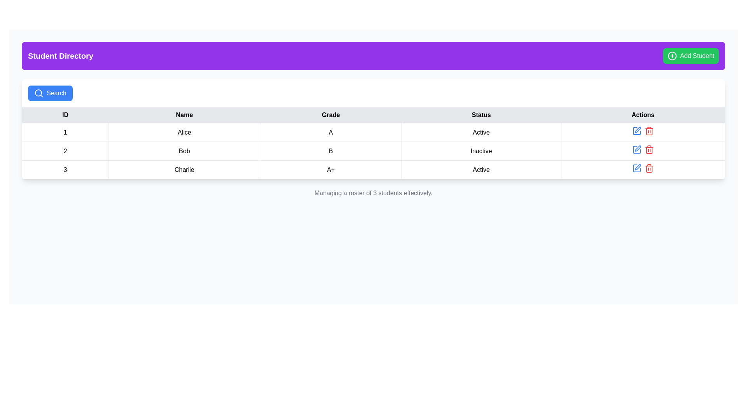  Describe the element at coordinates (643, 151) in the screenshot. I see `the left icon of the interactive button group in the last column of the second row to initiate editing for the user 'Bob'` at that location.